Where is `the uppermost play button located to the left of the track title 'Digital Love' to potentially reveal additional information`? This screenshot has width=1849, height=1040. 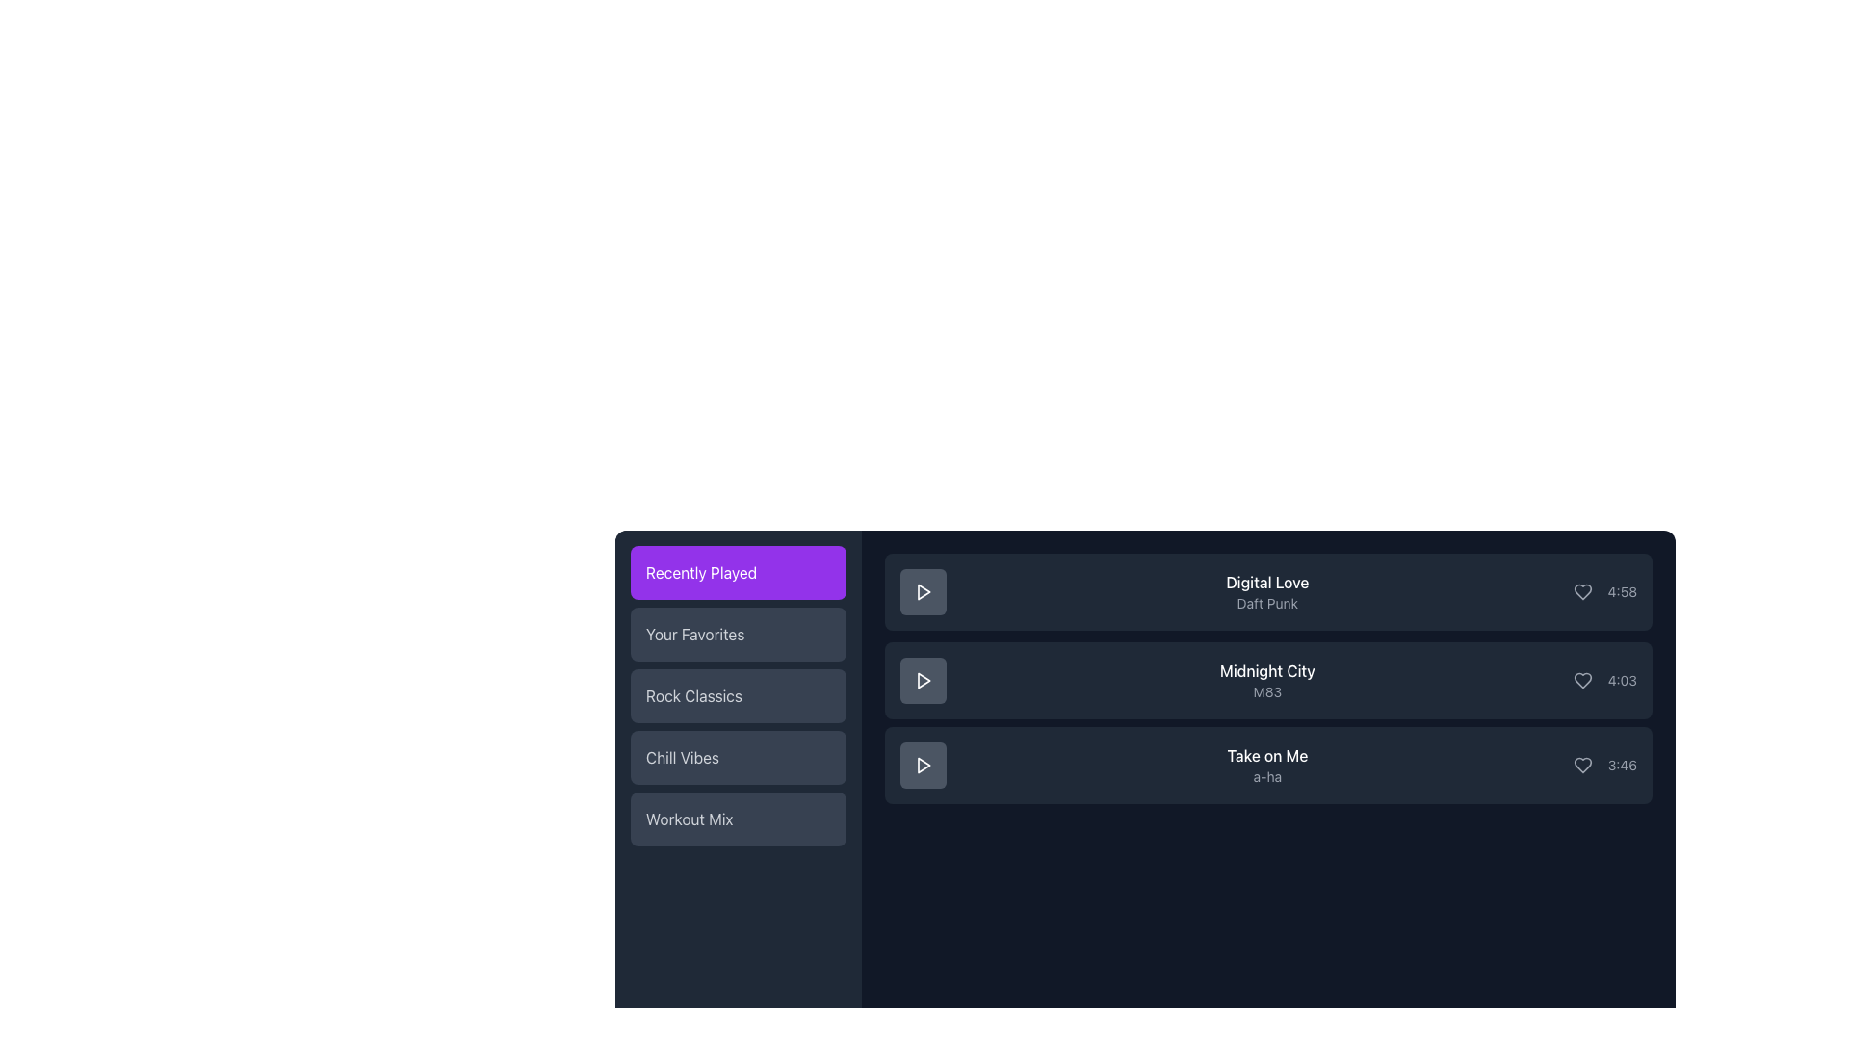 the uppermost play button located to the left of the track title 'Digital Love' to potentially reveal additional information is located at coordinates (923, 590).